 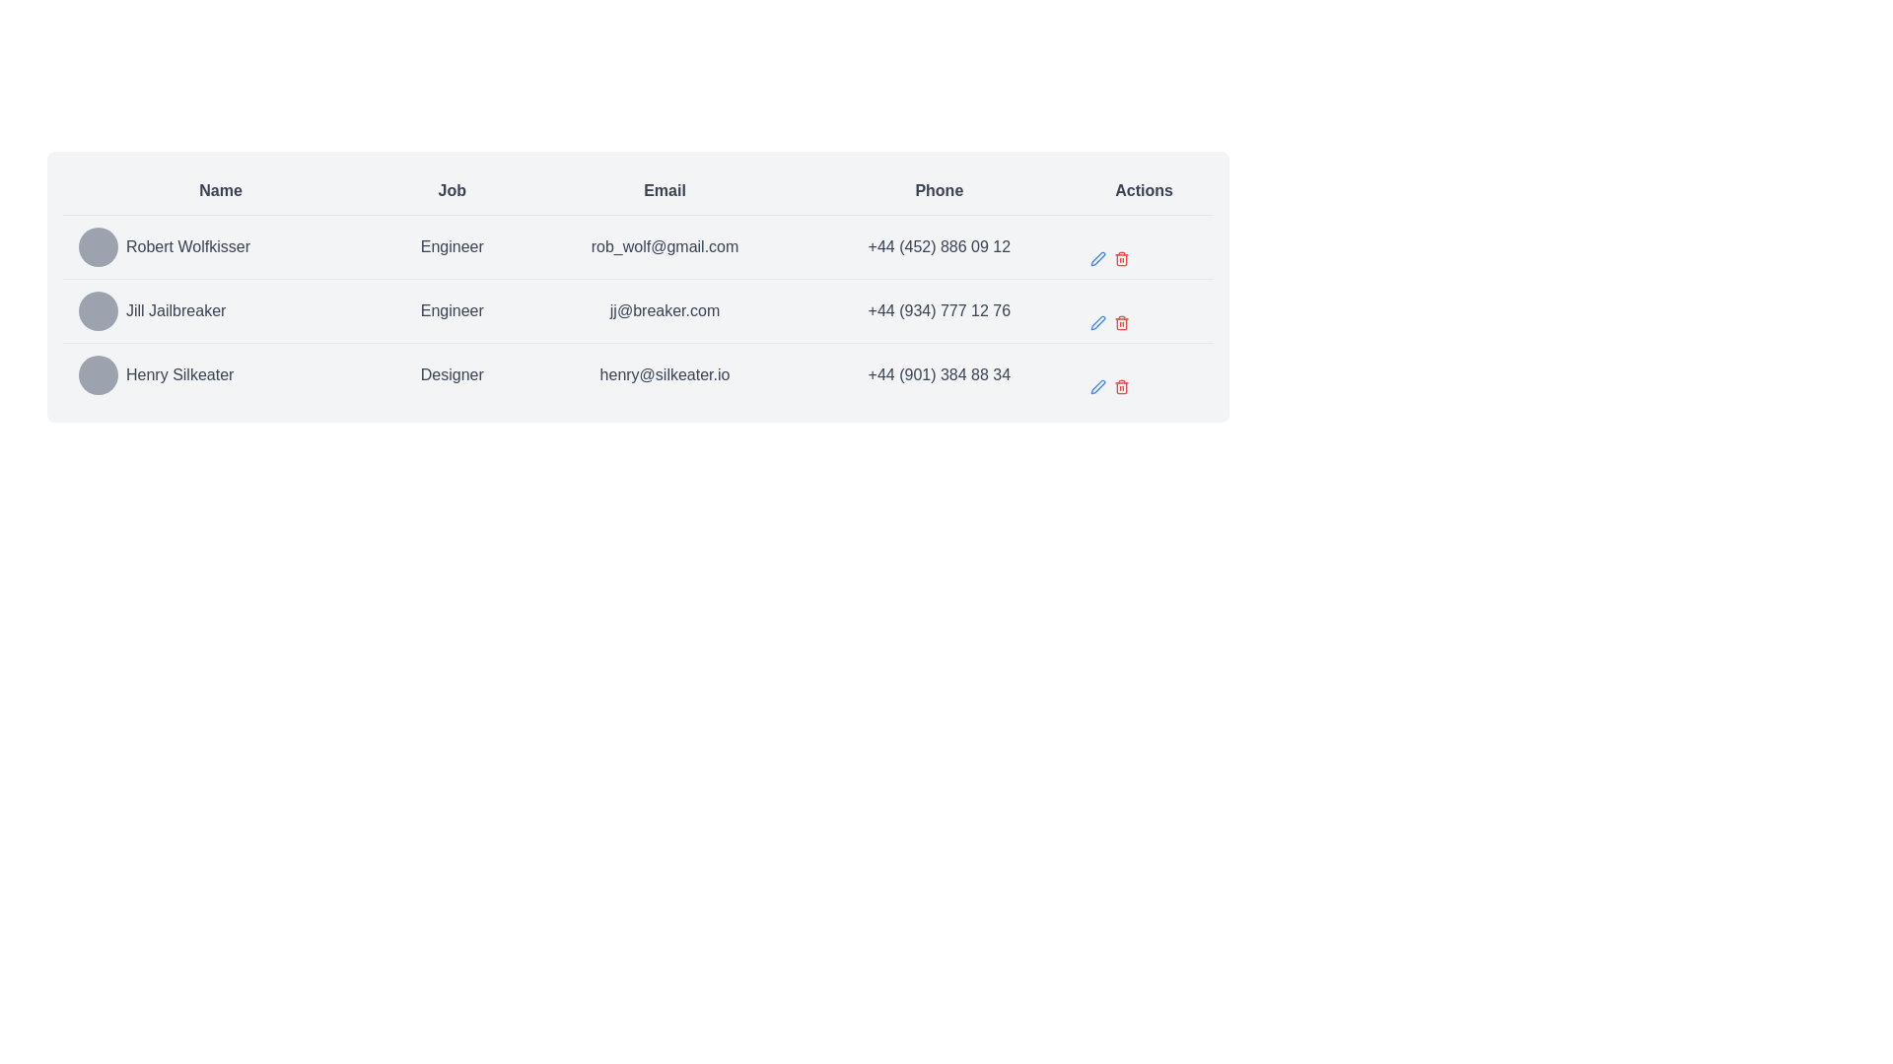 I want to click on displayed phone number from the Text label located in the fourth column of the first row corresponding to 'Robert Wolfkisser.', so click(x=938, y=245).